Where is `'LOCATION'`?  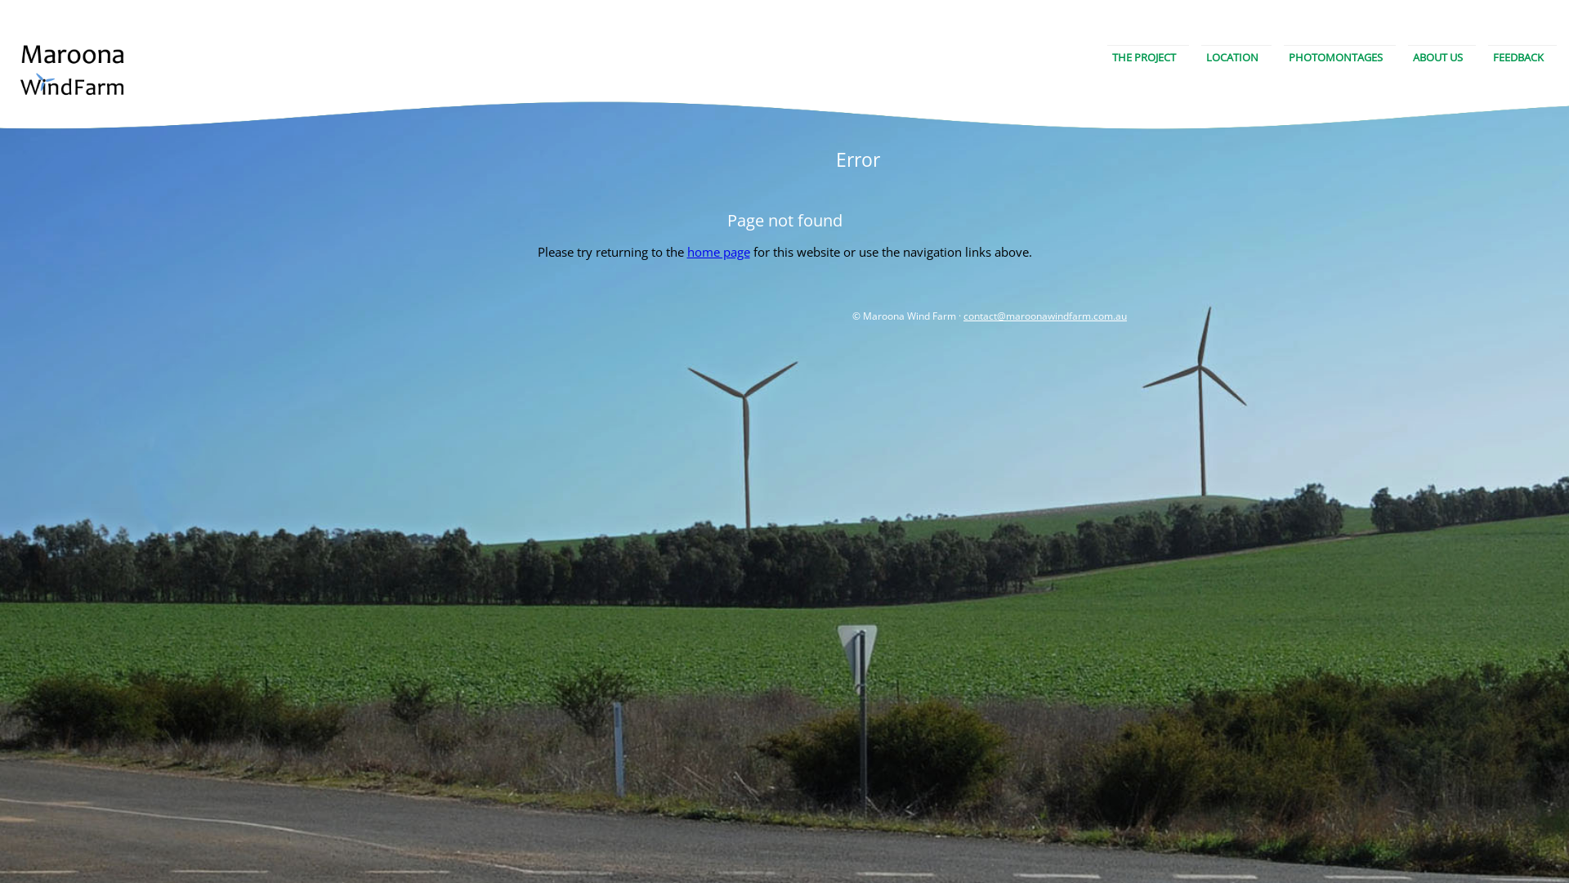 'LOCATION' is located at coordinates (1232, 56).